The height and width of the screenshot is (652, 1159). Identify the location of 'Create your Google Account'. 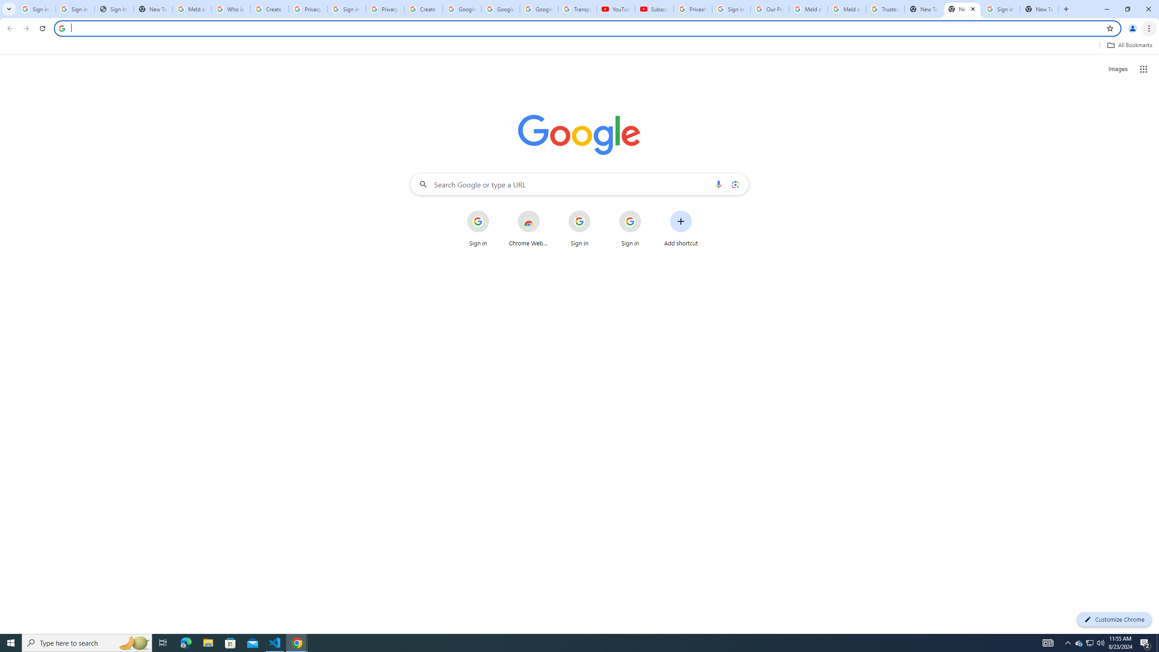
(423, 9).